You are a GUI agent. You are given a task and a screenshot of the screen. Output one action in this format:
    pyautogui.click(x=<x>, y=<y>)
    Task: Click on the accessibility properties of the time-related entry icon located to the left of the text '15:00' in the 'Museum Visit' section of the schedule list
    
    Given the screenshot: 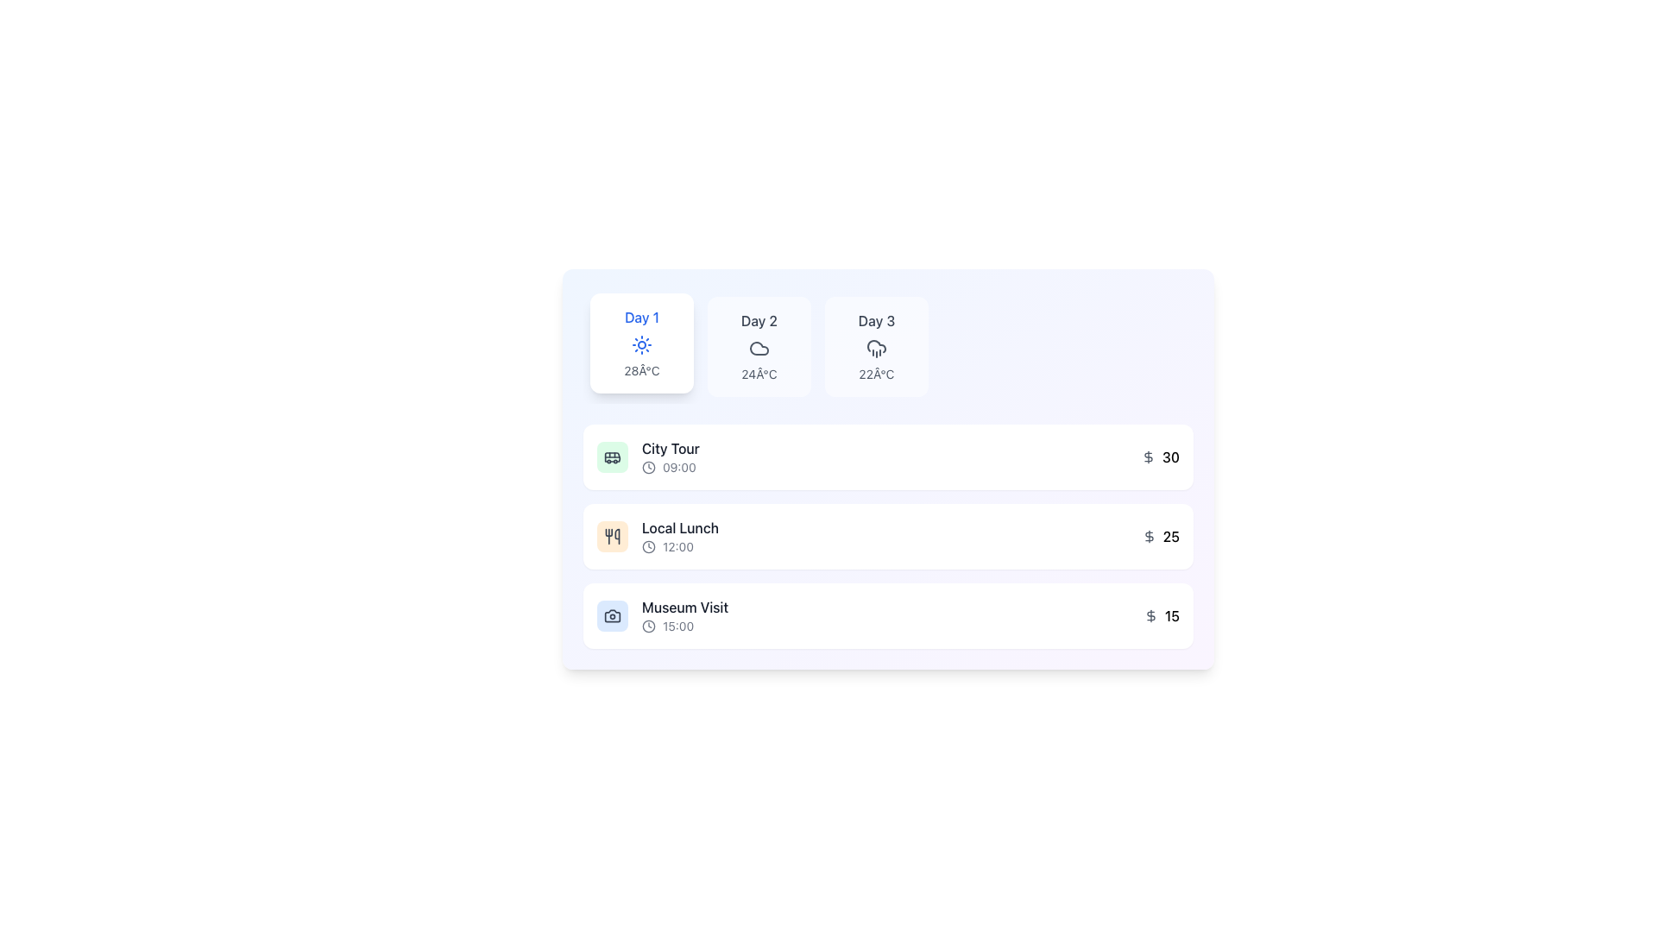 What is the action you would take?
    pyautogui.click(x=648, y=626)
    